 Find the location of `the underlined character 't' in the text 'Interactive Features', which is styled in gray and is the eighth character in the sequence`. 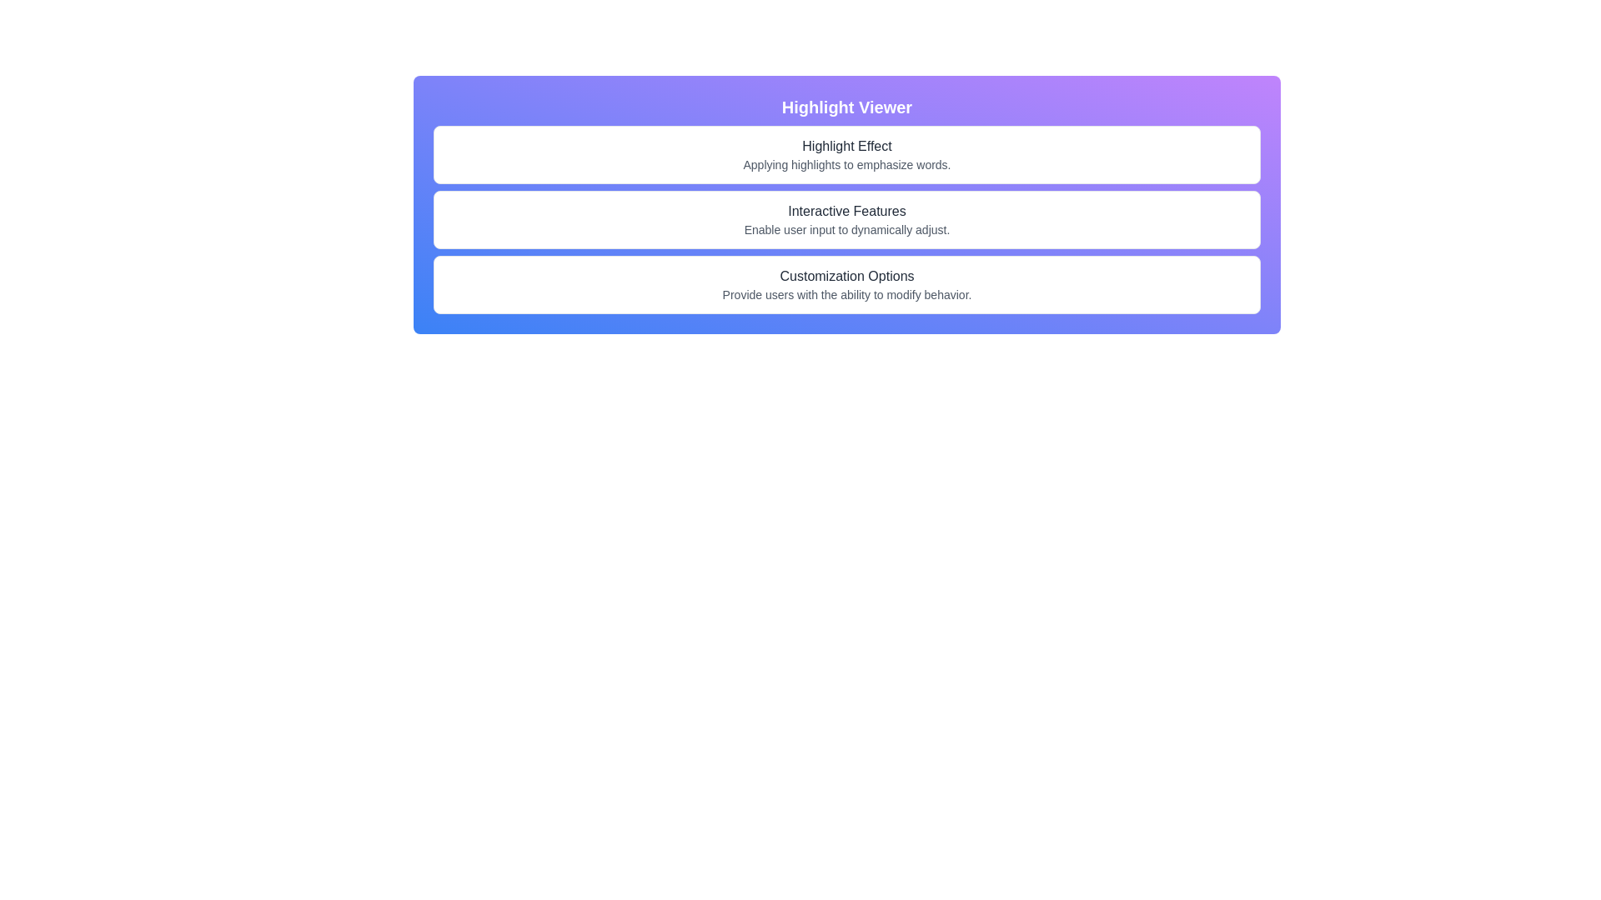

the underlined character 't' in the text 'Interactive Features', which is styled in gray and is the eighth character in the sequence is located at coordinates (831, 210).